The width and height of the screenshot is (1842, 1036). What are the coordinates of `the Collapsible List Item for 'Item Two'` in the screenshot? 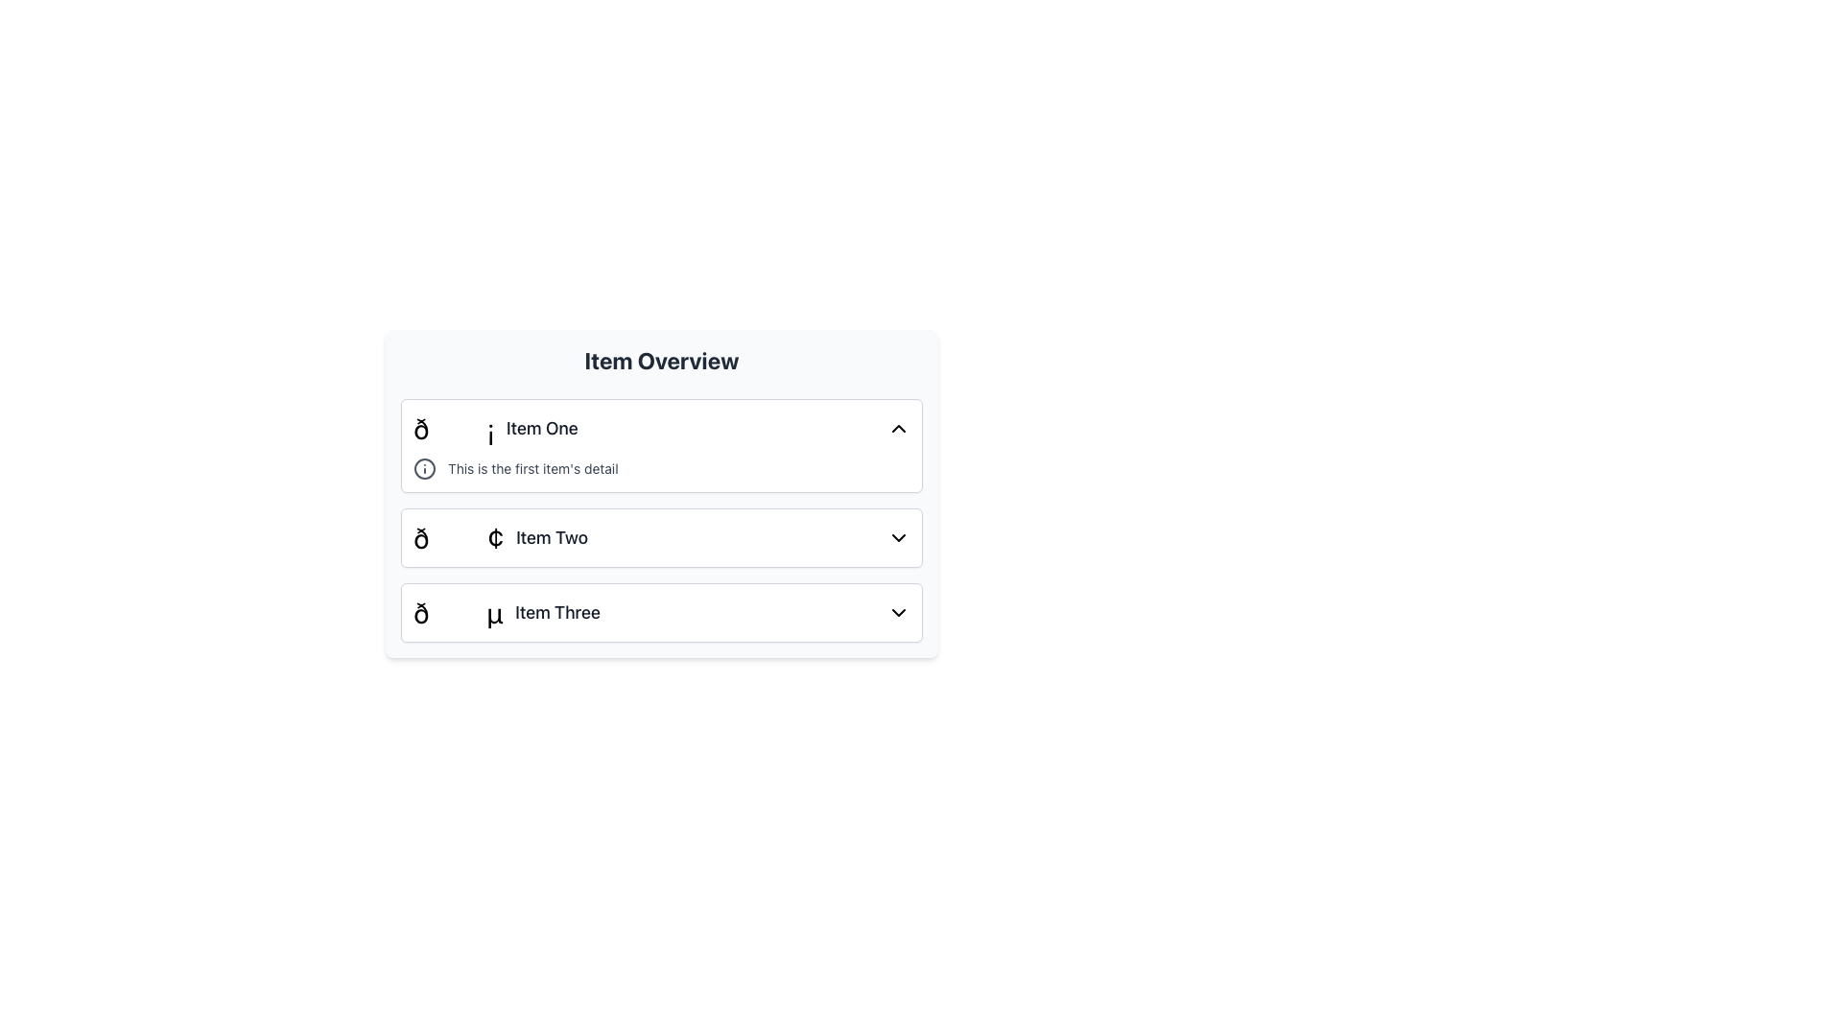 It's located at (662, 537).